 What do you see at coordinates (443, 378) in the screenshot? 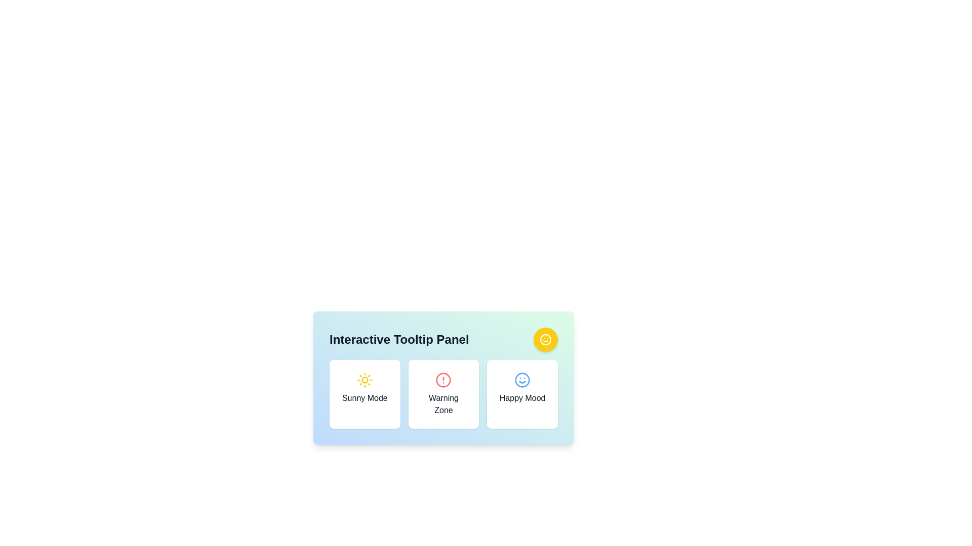
I see `the 'Interactive Tooltip Panel'` at bounding box center [443, 378].